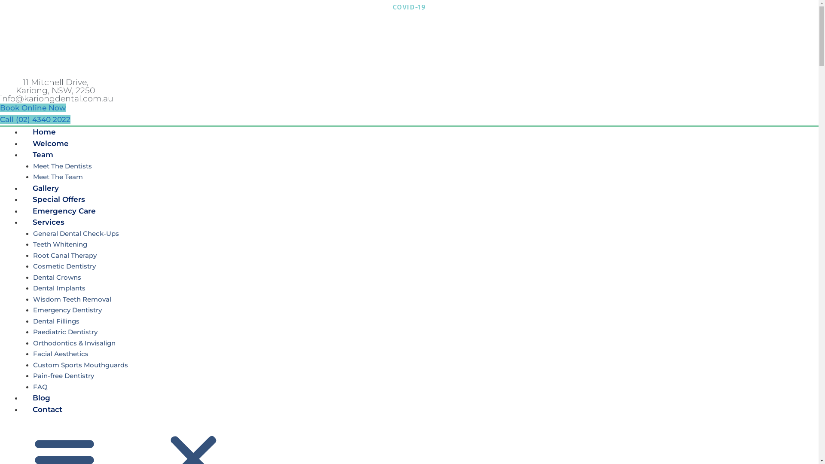  I want to click on 'Gallery', so click(45, 188).